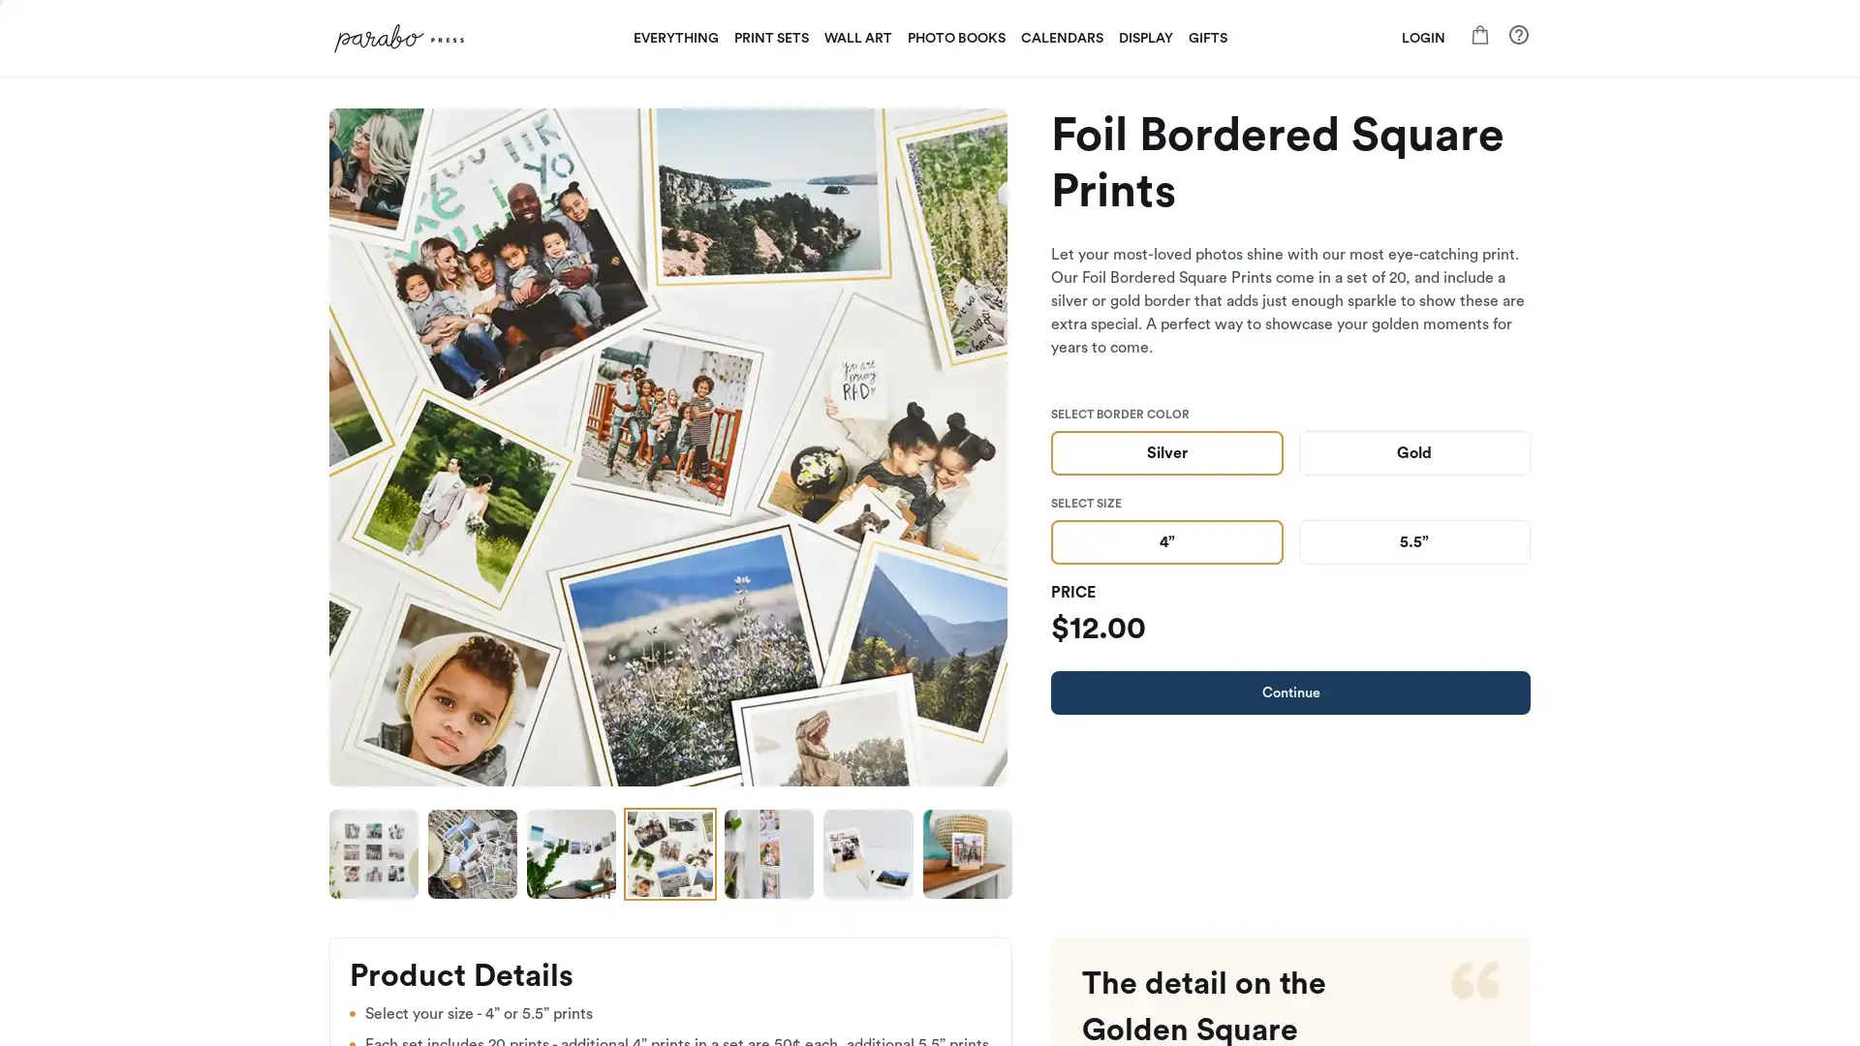 The width and height of the screenshot is (1860, 1046). What do you see at coordinates (867, 853) in the screenshot?
I see `slide dot` at bounding box center [867, 853].